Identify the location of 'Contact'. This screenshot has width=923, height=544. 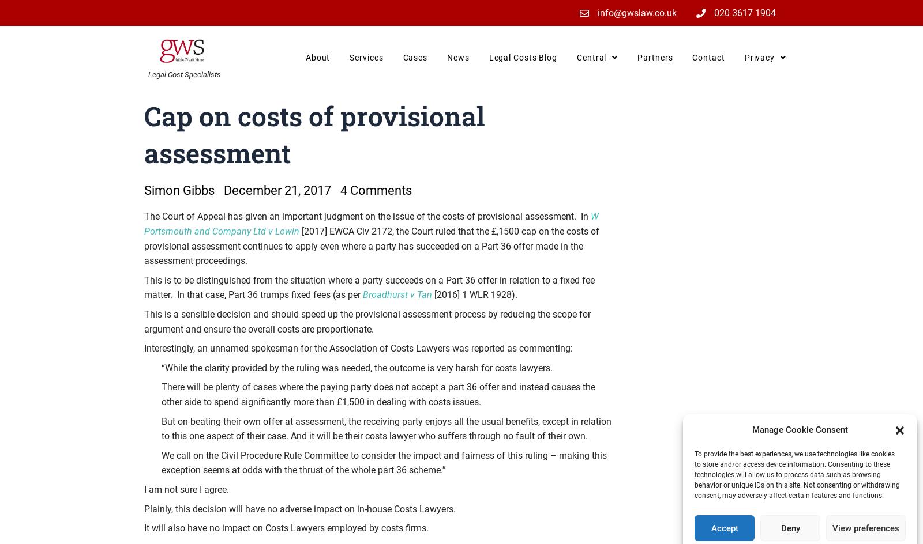
(692, 56).